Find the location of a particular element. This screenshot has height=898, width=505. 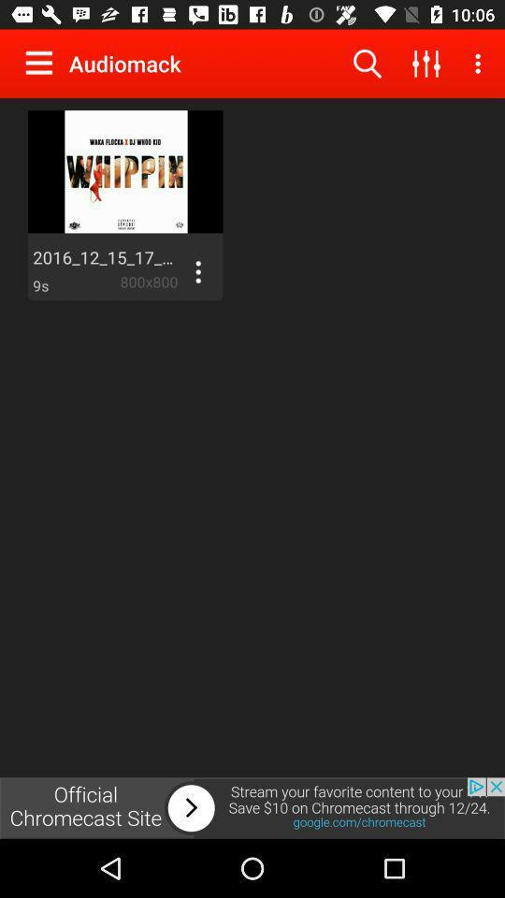

share a file is located at coordinates (196, 270).